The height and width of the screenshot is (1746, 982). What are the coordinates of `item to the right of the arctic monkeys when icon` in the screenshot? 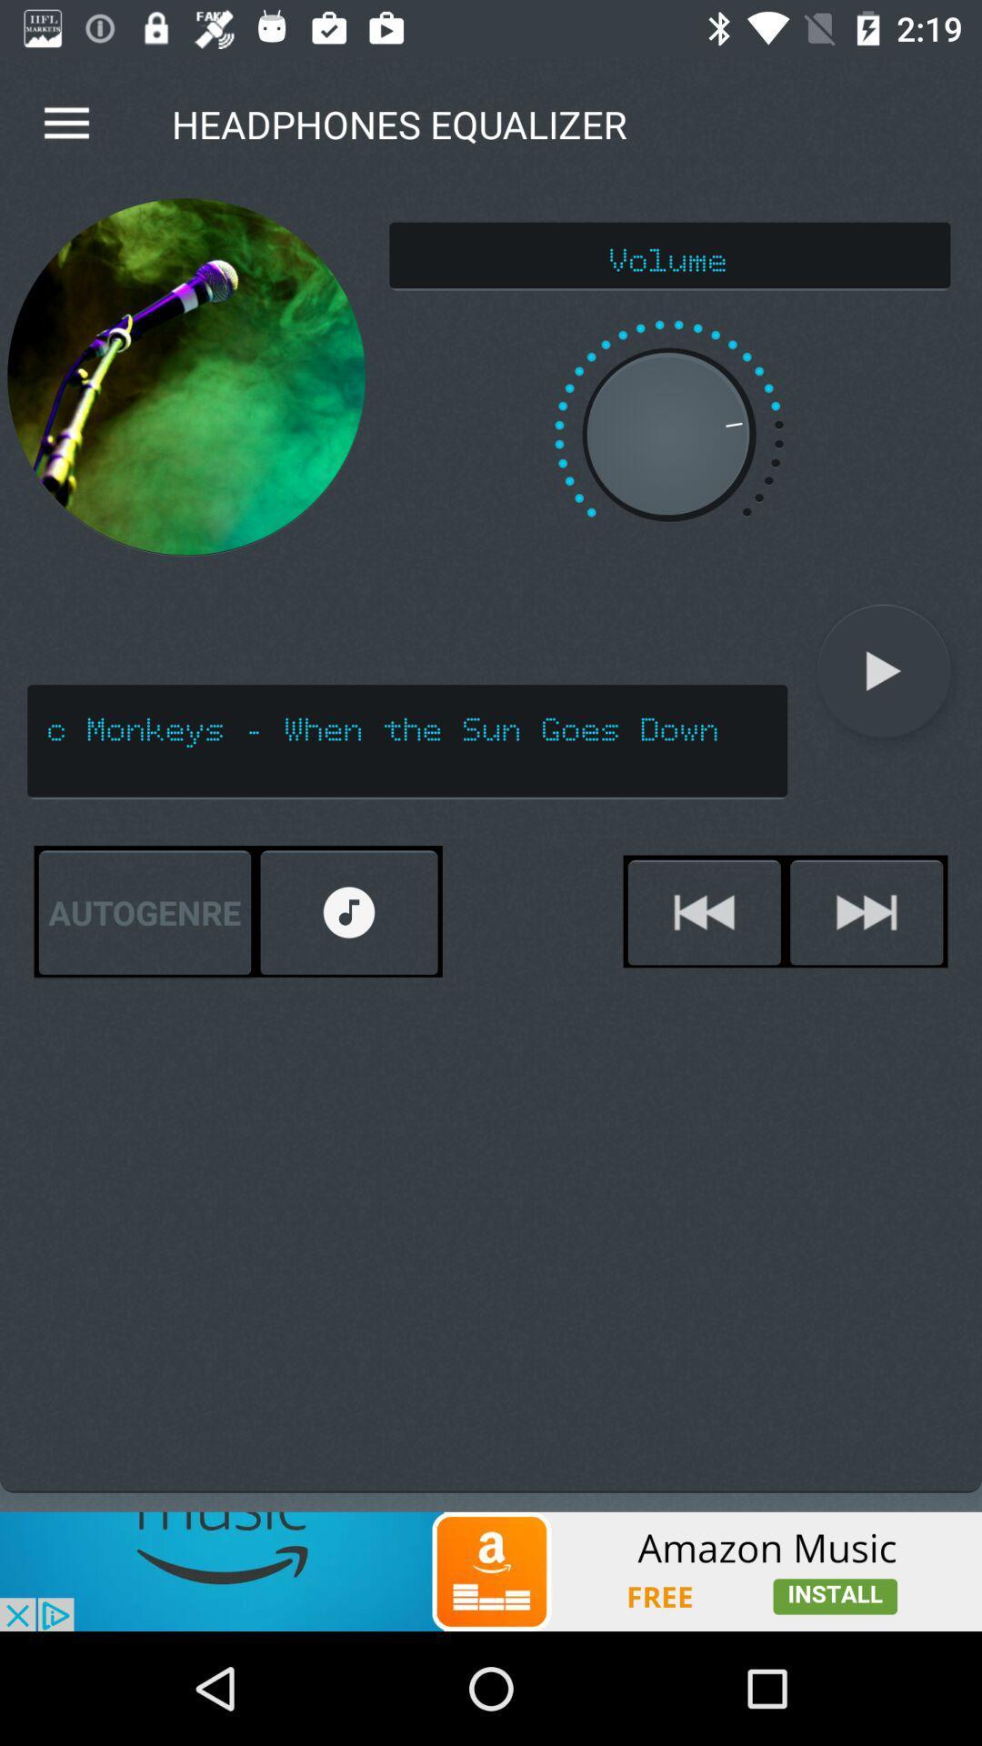 It's located at (883, 670).